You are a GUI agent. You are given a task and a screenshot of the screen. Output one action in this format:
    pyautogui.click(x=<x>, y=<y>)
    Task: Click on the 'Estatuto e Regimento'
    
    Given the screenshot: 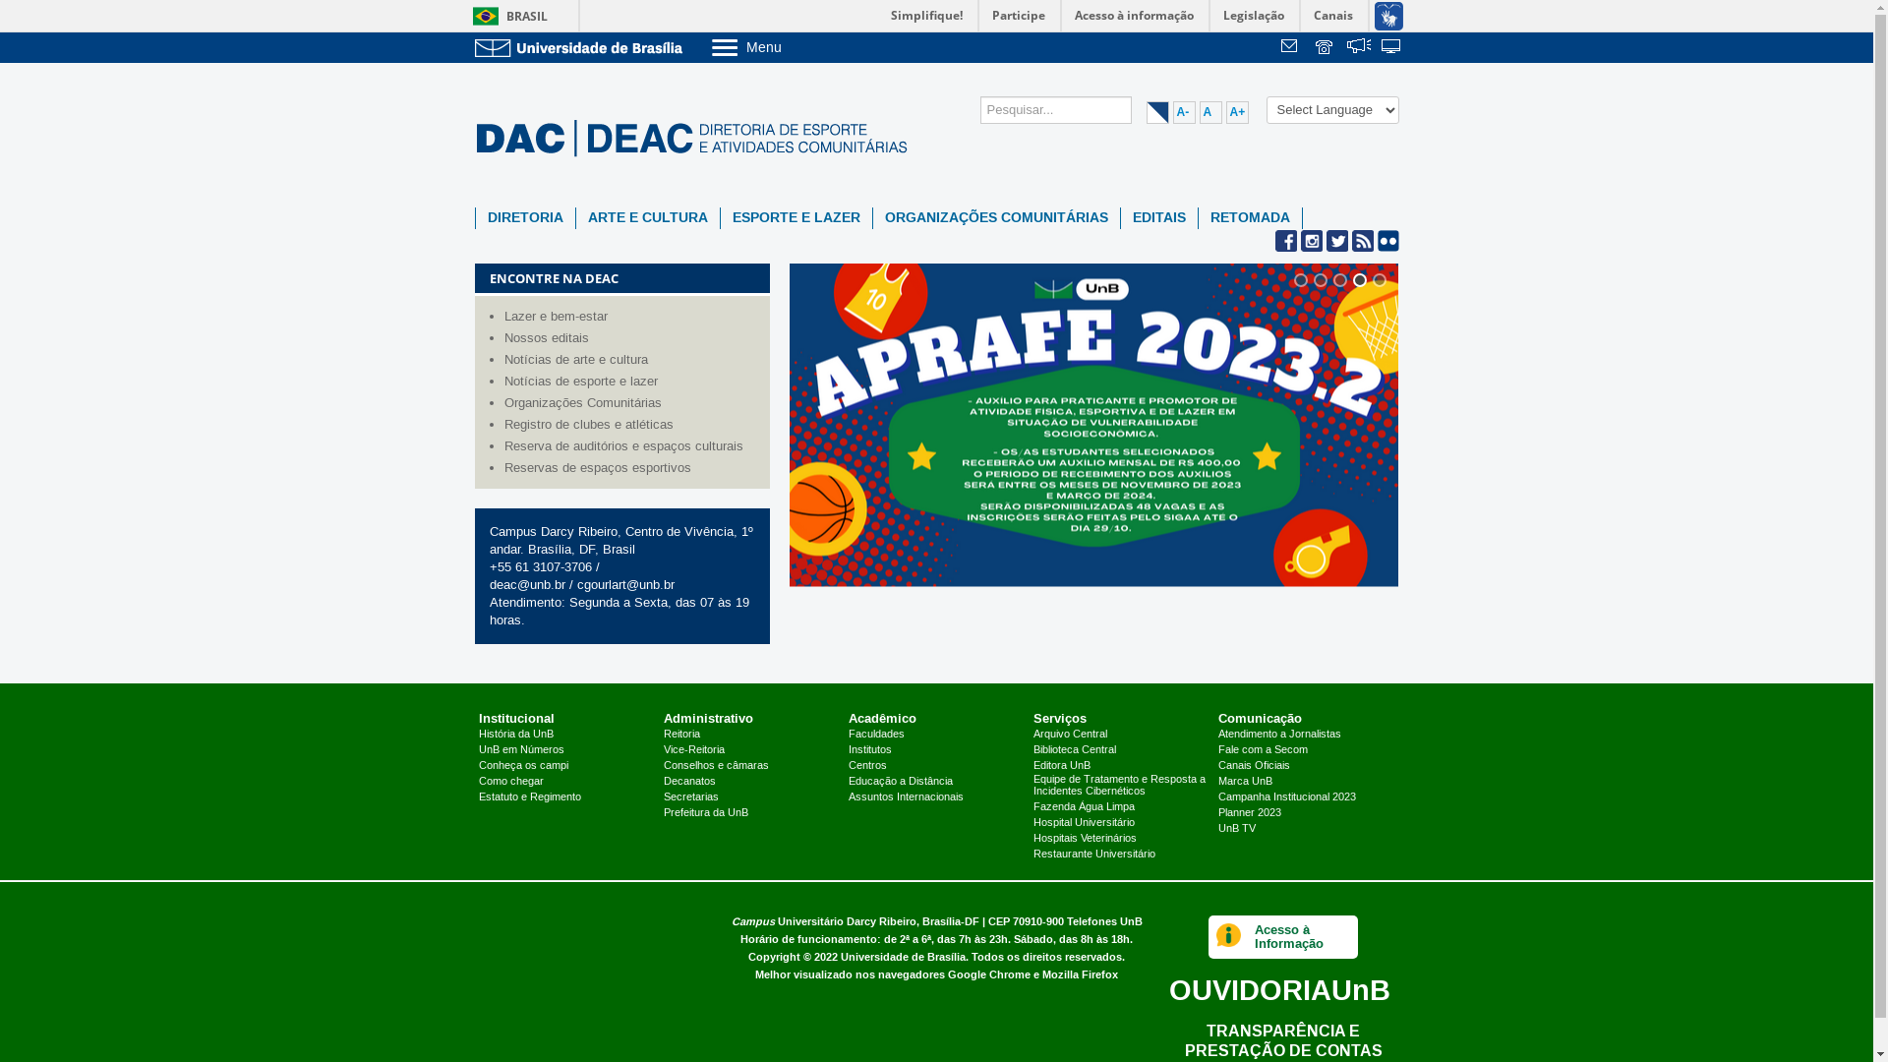 What is the action you would take?
    pyautogui.click(x=478, y=796)
    